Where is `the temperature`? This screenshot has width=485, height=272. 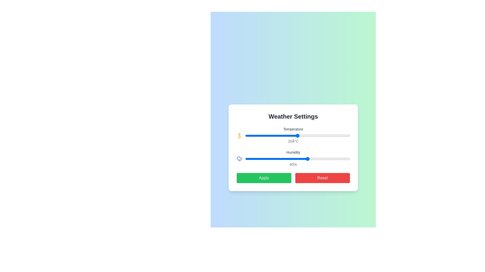 the temperature is located at coordinates (342, 135).